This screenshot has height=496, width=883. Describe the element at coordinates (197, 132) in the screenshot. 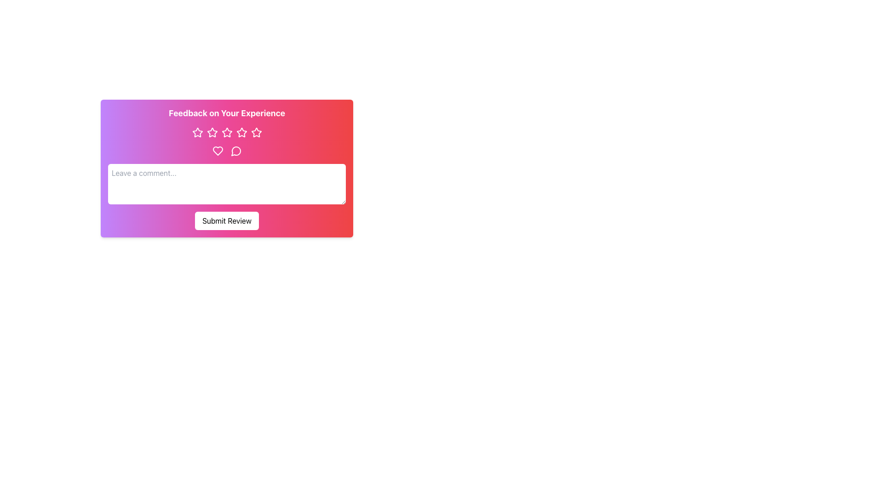

I see `the first star icon` at that location.